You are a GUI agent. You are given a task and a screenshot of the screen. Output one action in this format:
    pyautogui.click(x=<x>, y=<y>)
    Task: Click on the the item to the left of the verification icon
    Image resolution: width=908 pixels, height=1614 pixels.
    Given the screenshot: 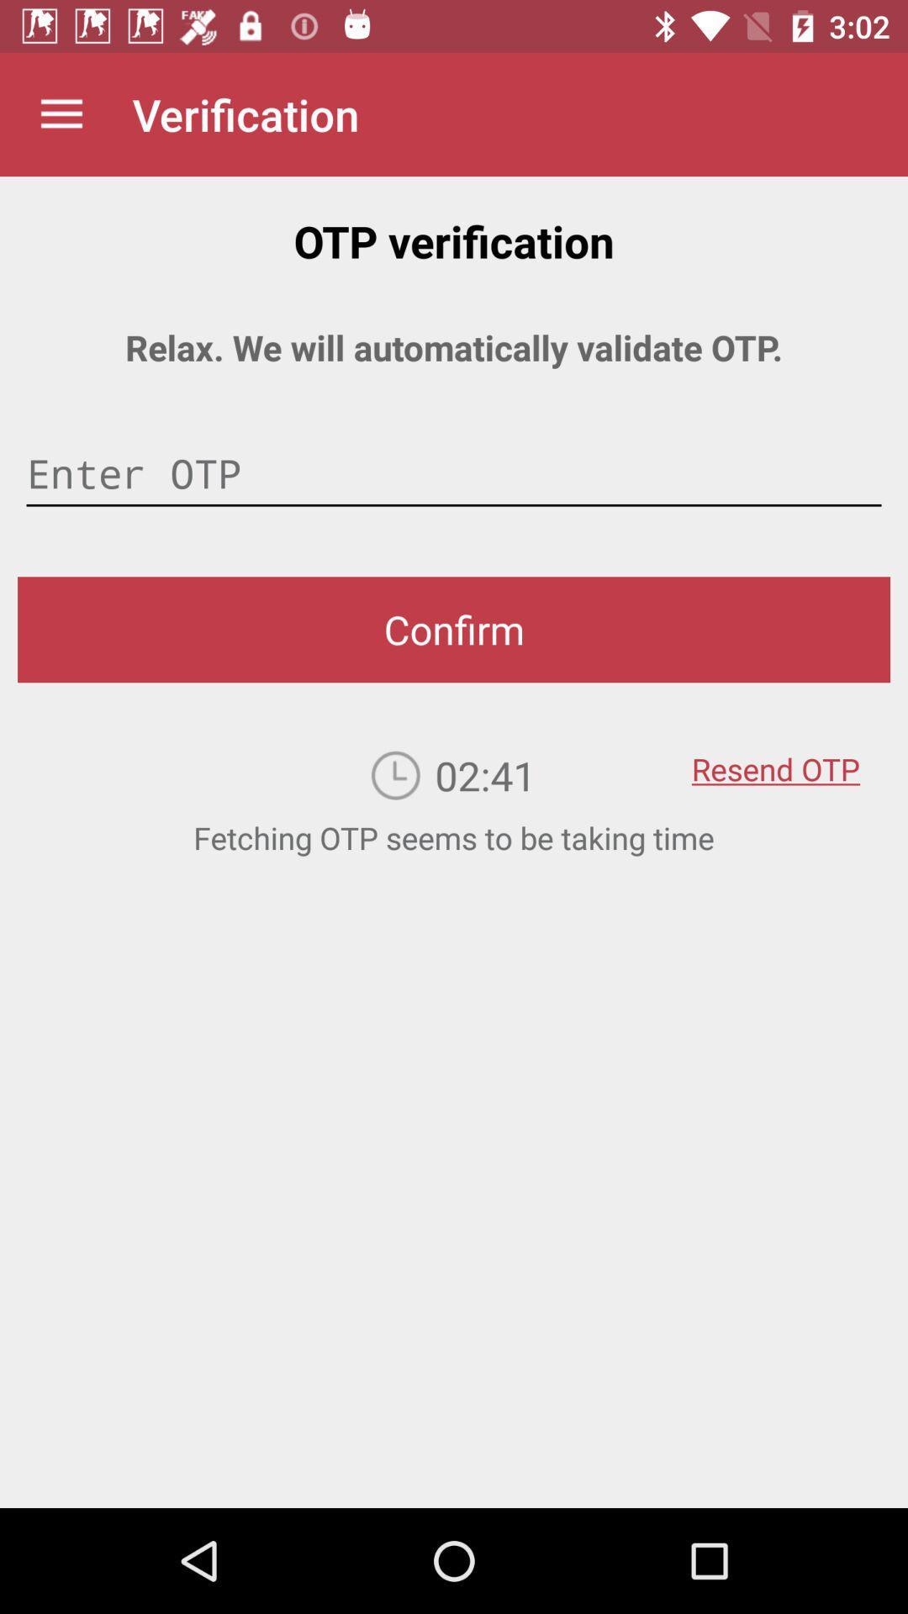 What is the action you would take?
    pyautogui.click(x=61, y=113)
    